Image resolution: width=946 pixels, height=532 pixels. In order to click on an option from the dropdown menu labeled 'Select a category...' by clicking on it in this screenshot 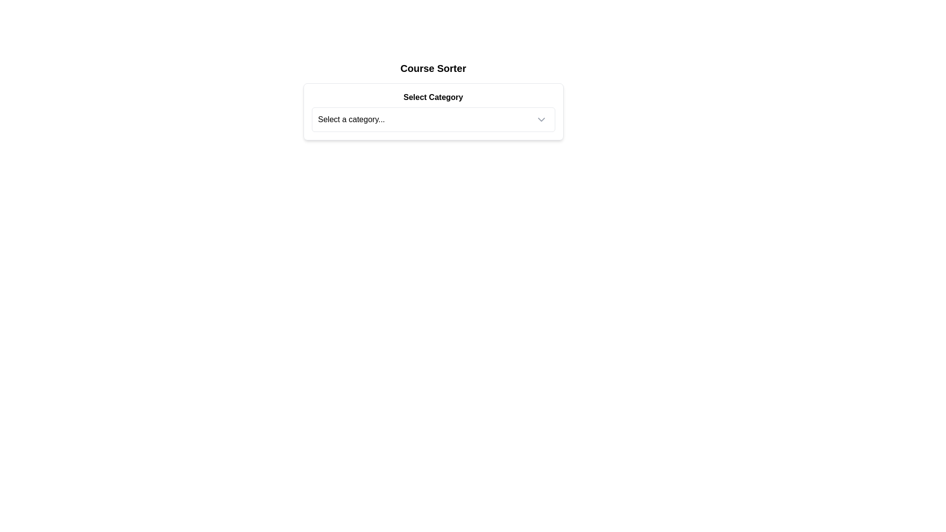, I will do `click(433, 119)`.